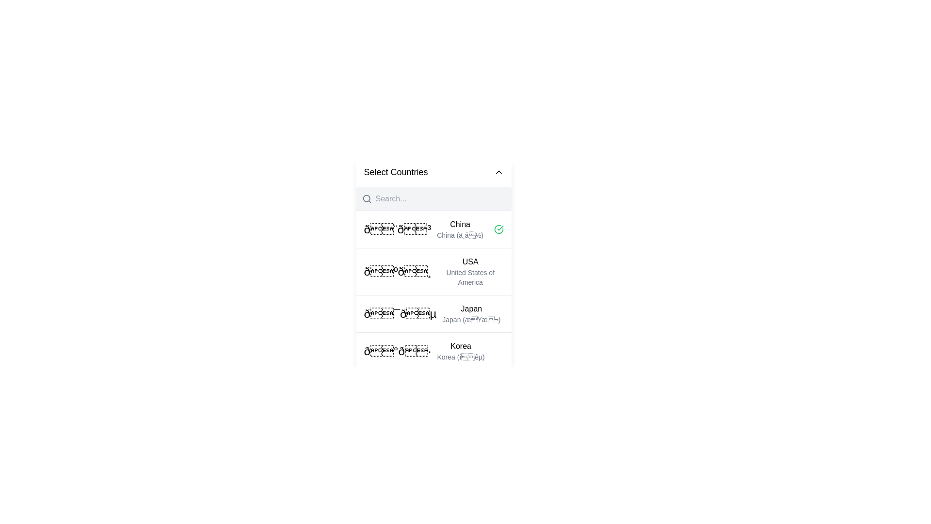  What do you see at coordinates (460, 224) in the screenshot?
I see `the text label element displaying 'China'` at bounding box center [460, 224].